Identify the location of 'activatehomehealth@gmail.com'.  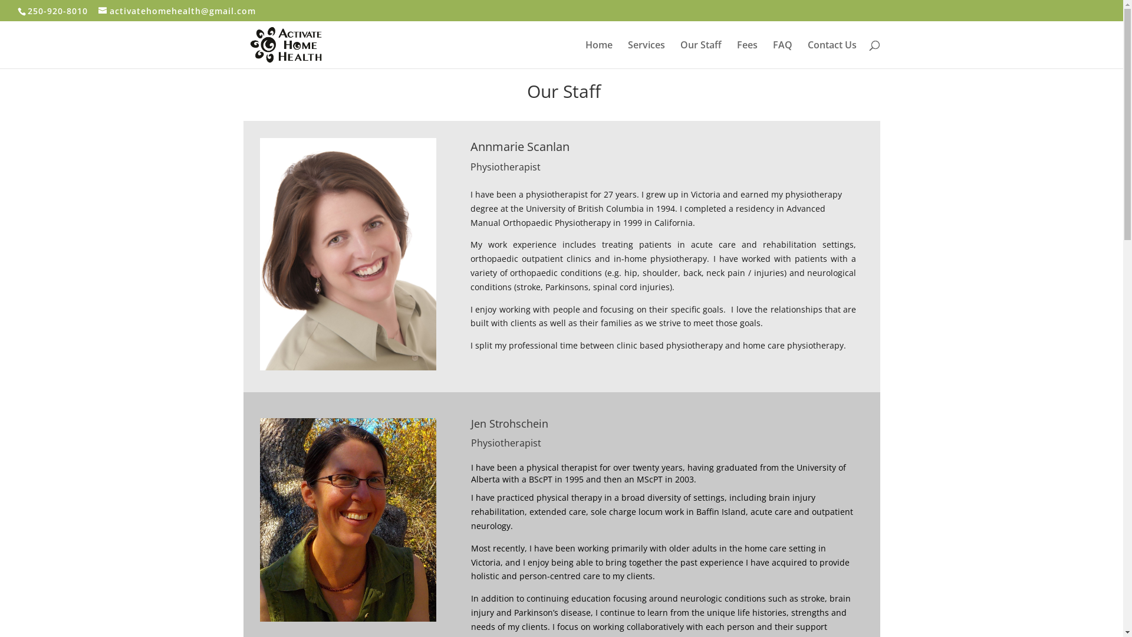
(98, 10).